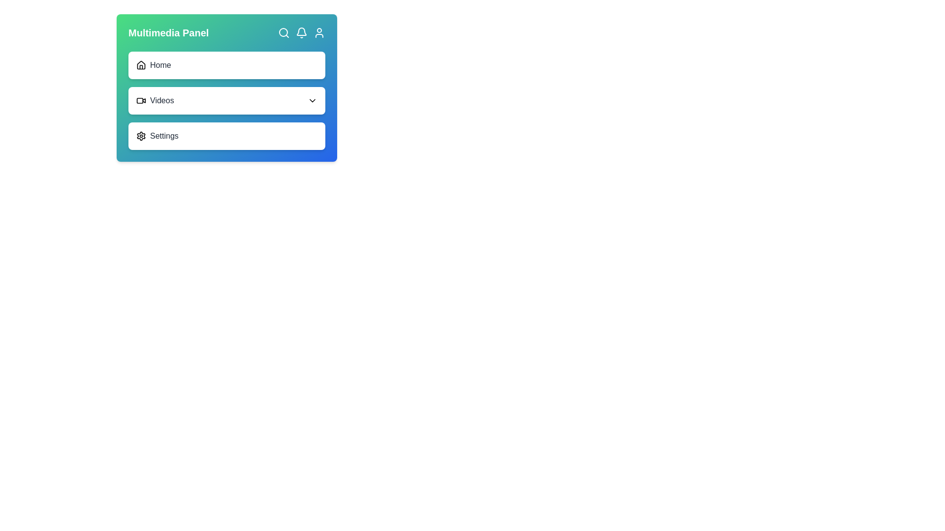 This screenshot has width=945, height=531. What do you see at coordinates (226, 136) in the screenshot?
I see `the 'Settings' button` at bounding box center [226, 136].